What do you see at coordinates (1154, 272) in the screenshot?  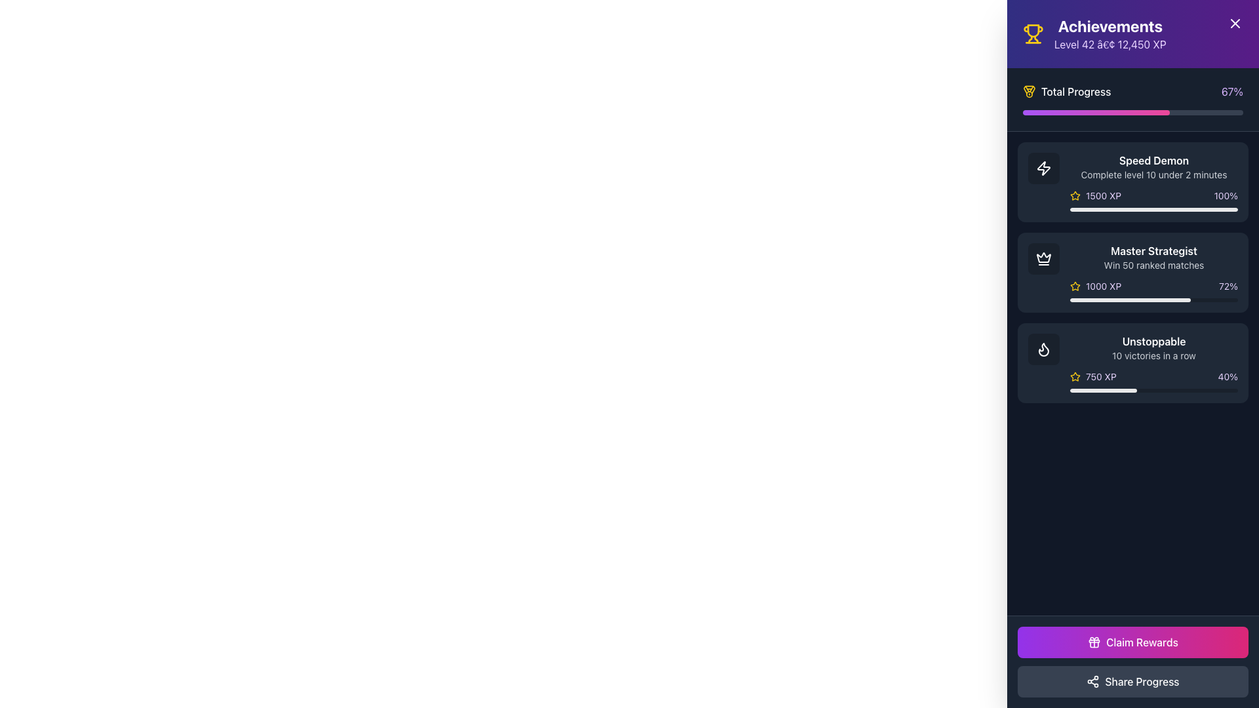 I see `achievement details from the 'Master Strategist' card, which is the second in the vertical list of achievement items, displaying 'Win 50 ranked matches' and '1000 XP' with a progress of '72%` at bounding box center [1154, 272].